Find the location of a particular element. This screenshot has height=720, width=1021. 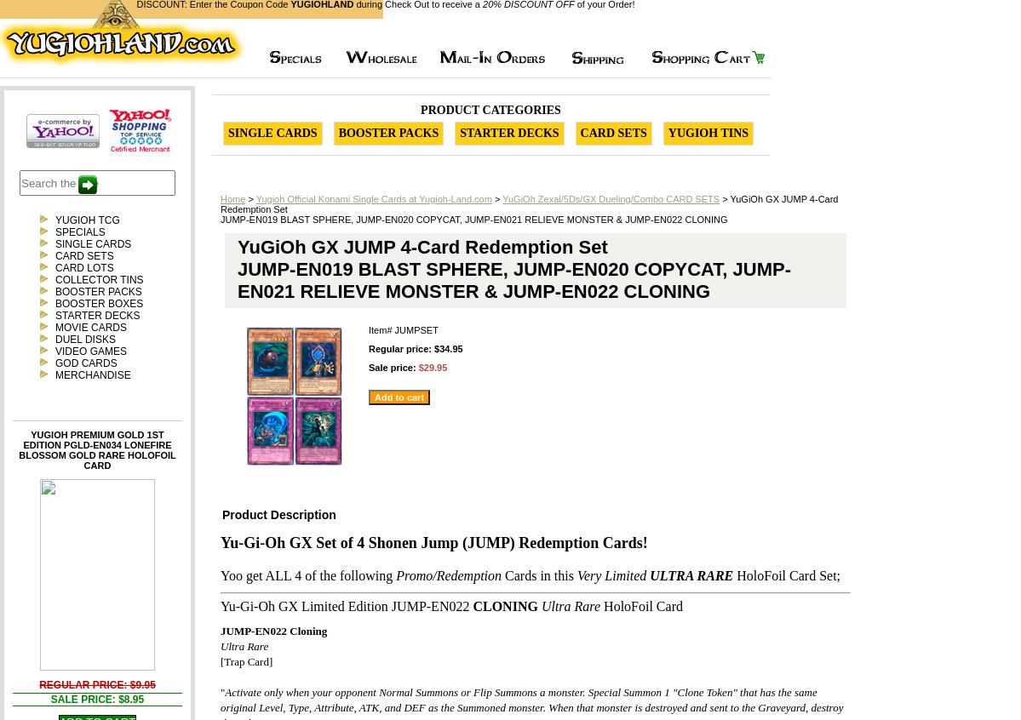

'Yugioh Tins' is located at coordinates (708, 132).